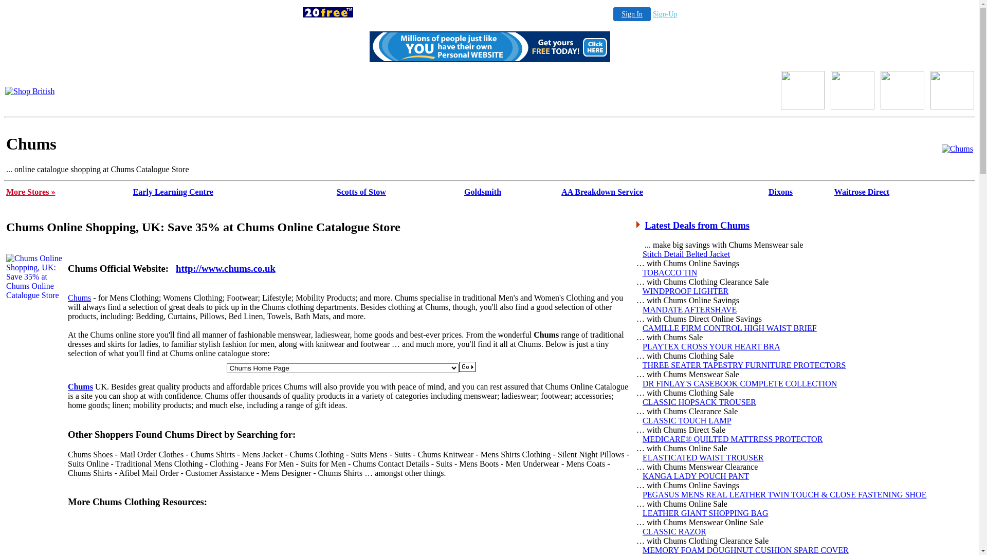  I want to click on 'Sign In', so click(631, 14).